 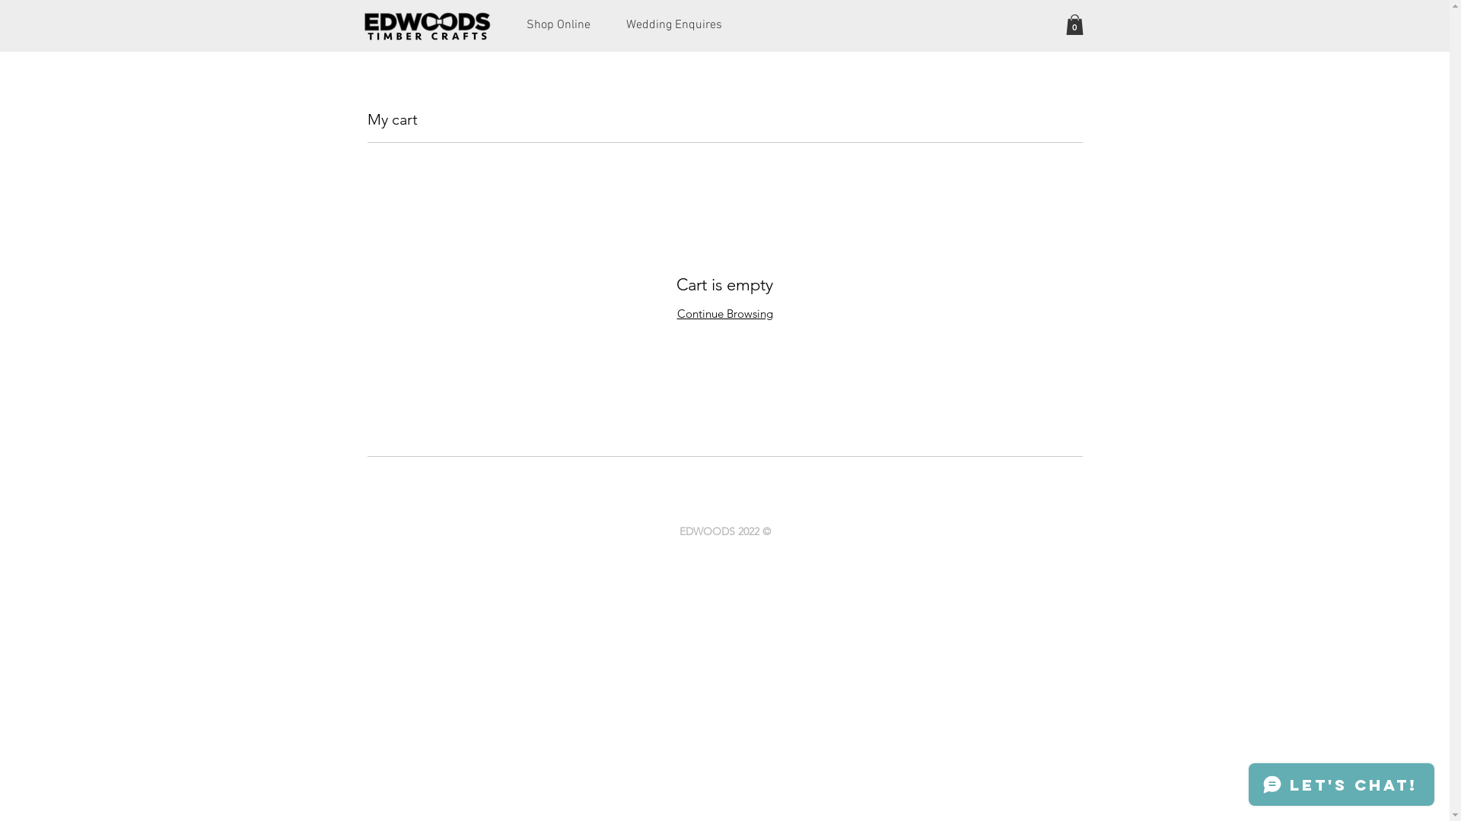 I want to click on 'Continue Browsing', so click(x=724, y=312).